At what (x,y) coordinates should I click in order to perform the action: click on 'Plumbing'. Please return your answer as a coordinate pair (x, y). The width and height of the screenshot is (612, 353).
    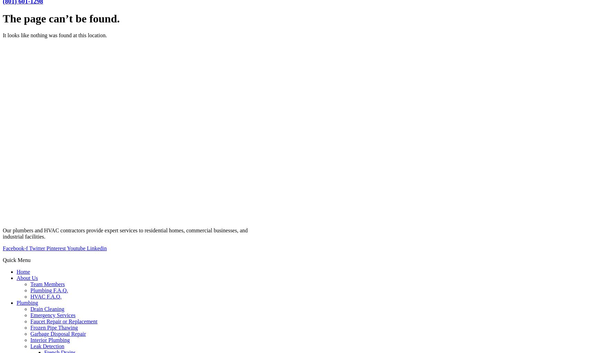
    Looking at the image, I should click on (16, 303).